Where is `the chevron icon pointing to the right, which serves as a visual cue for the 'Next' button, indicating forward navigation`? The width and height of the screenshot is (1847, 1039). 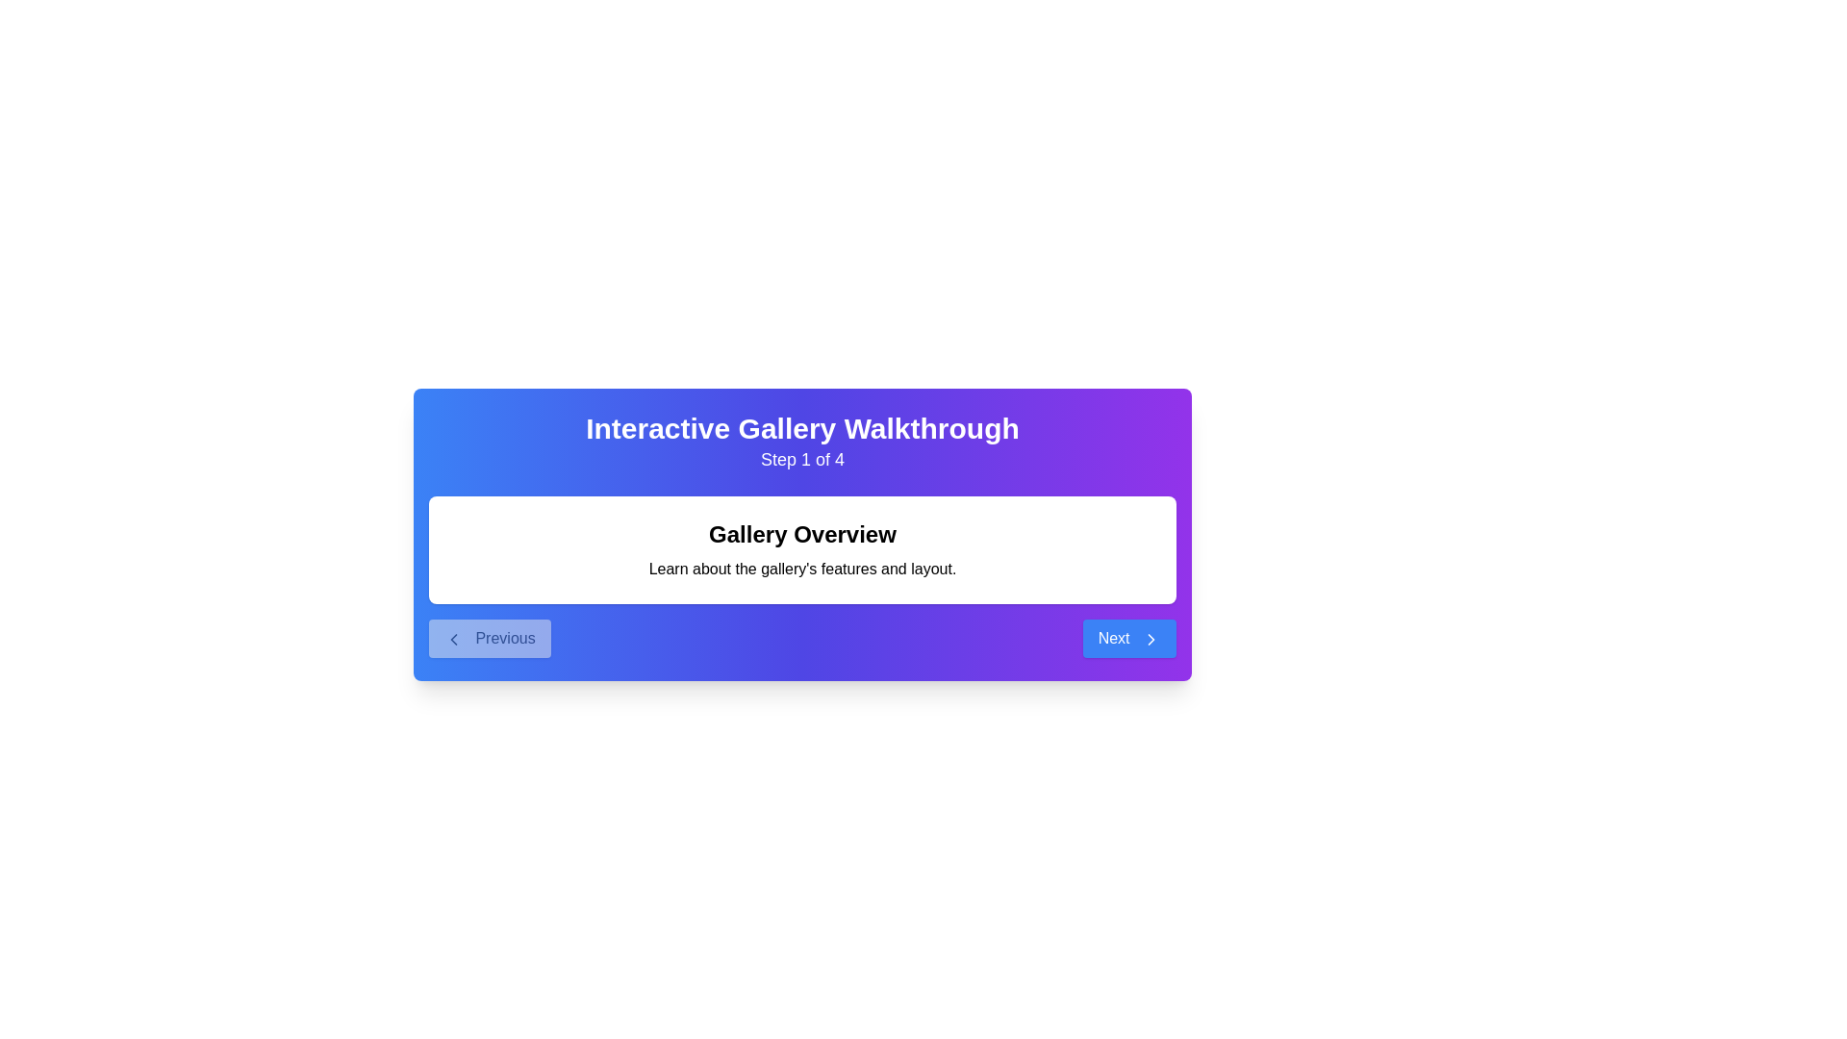 the chevron icon pointing to the right, which serves as a visual cue for the 'Next' button, indicating forward navigation is located at coordinates (1151, 638).